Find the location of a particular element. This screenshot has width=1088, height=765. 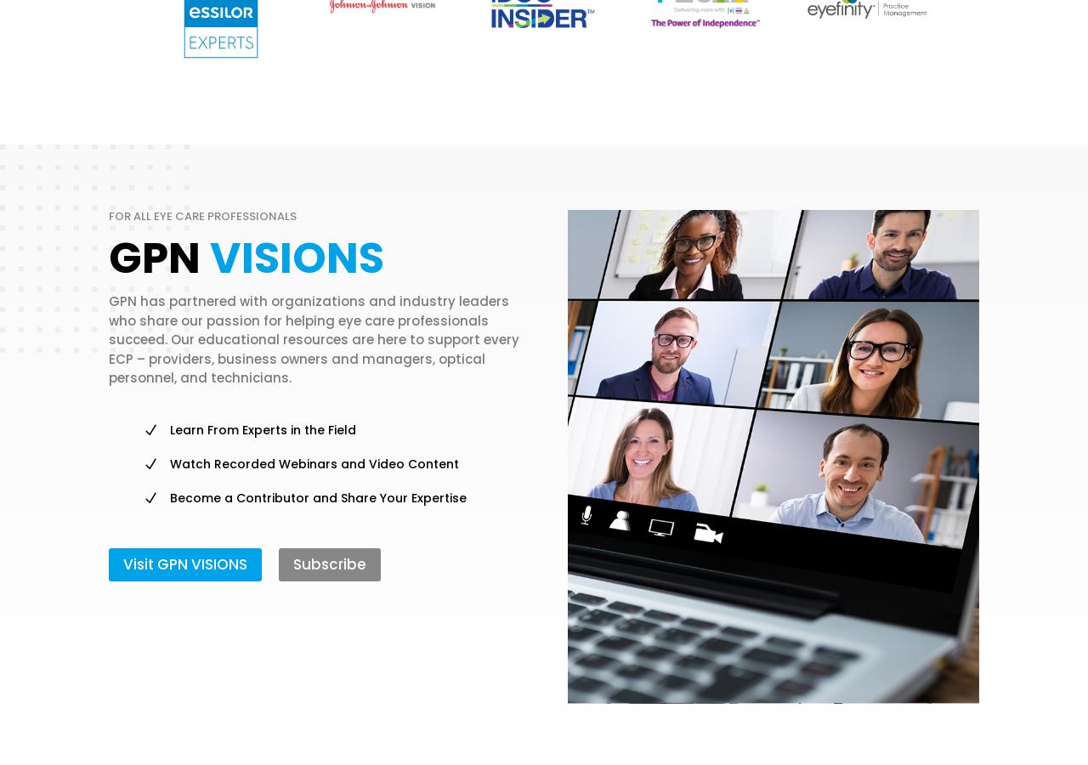

'For All Eye Care Professionals' is located at coordinates (108, 215).